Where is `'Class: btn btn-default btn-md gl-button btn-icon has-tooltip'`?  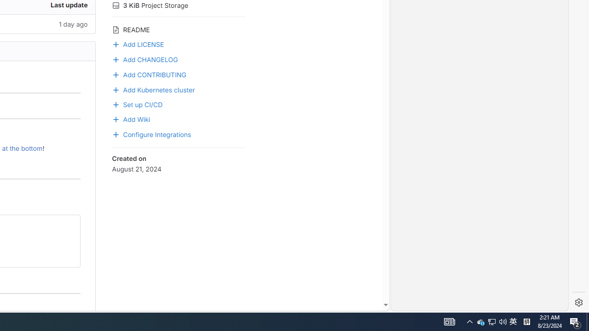
'Class: btn btn-default btn-md gl-button btn-icon has-tooltip' is located at coordinates (69, 225).